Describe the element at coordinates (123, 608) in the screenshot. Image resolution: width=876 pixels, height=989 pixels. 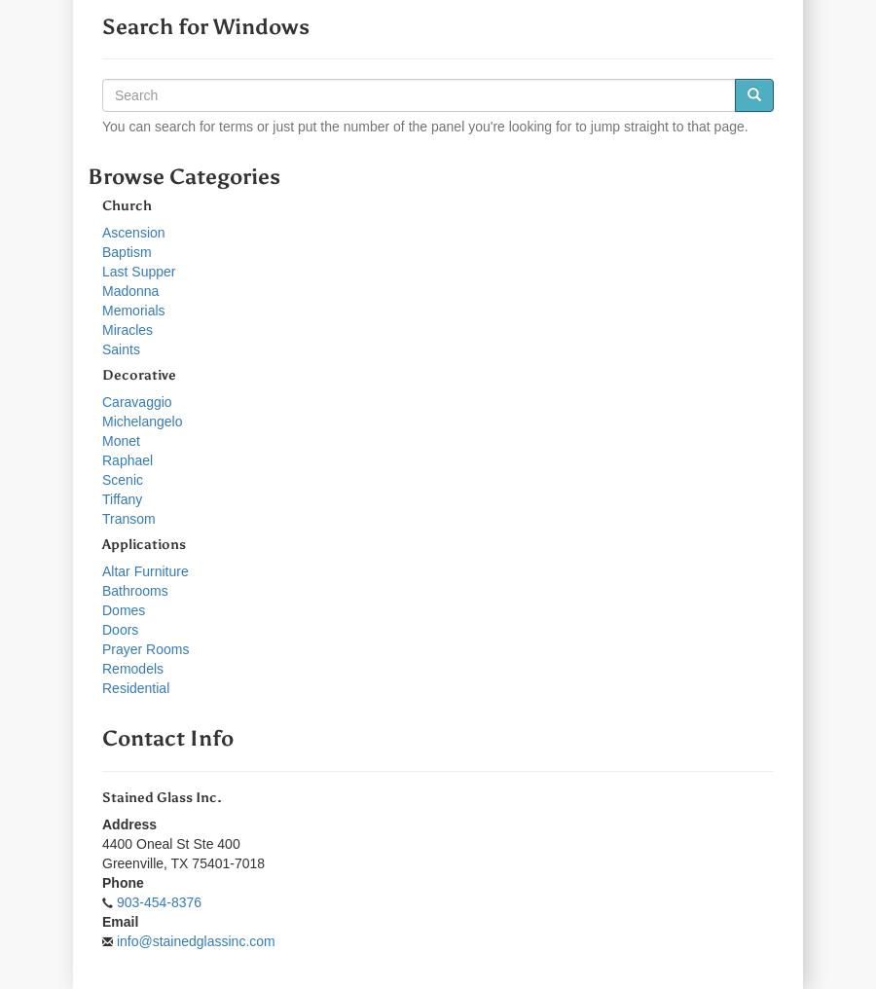
I see `'Domes'` at that location.